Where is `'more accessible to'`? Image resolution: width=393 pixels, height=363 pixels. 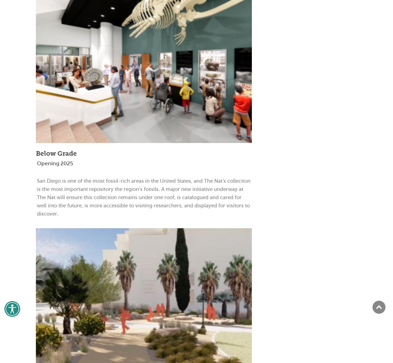
'more accessible to' is located at coordinates (111, 205).